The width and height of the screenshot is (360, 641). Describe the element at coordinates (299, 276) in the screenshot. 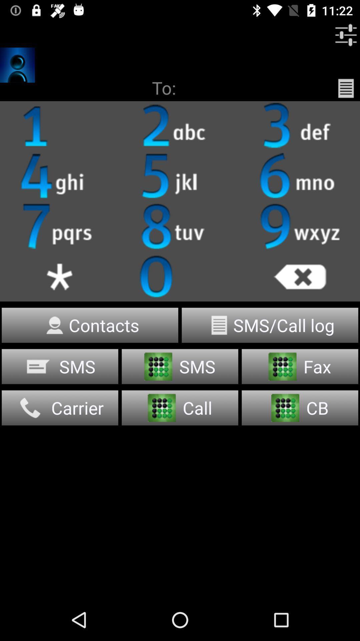

I see `cancel button which is in dialer just below the 9` at that location.